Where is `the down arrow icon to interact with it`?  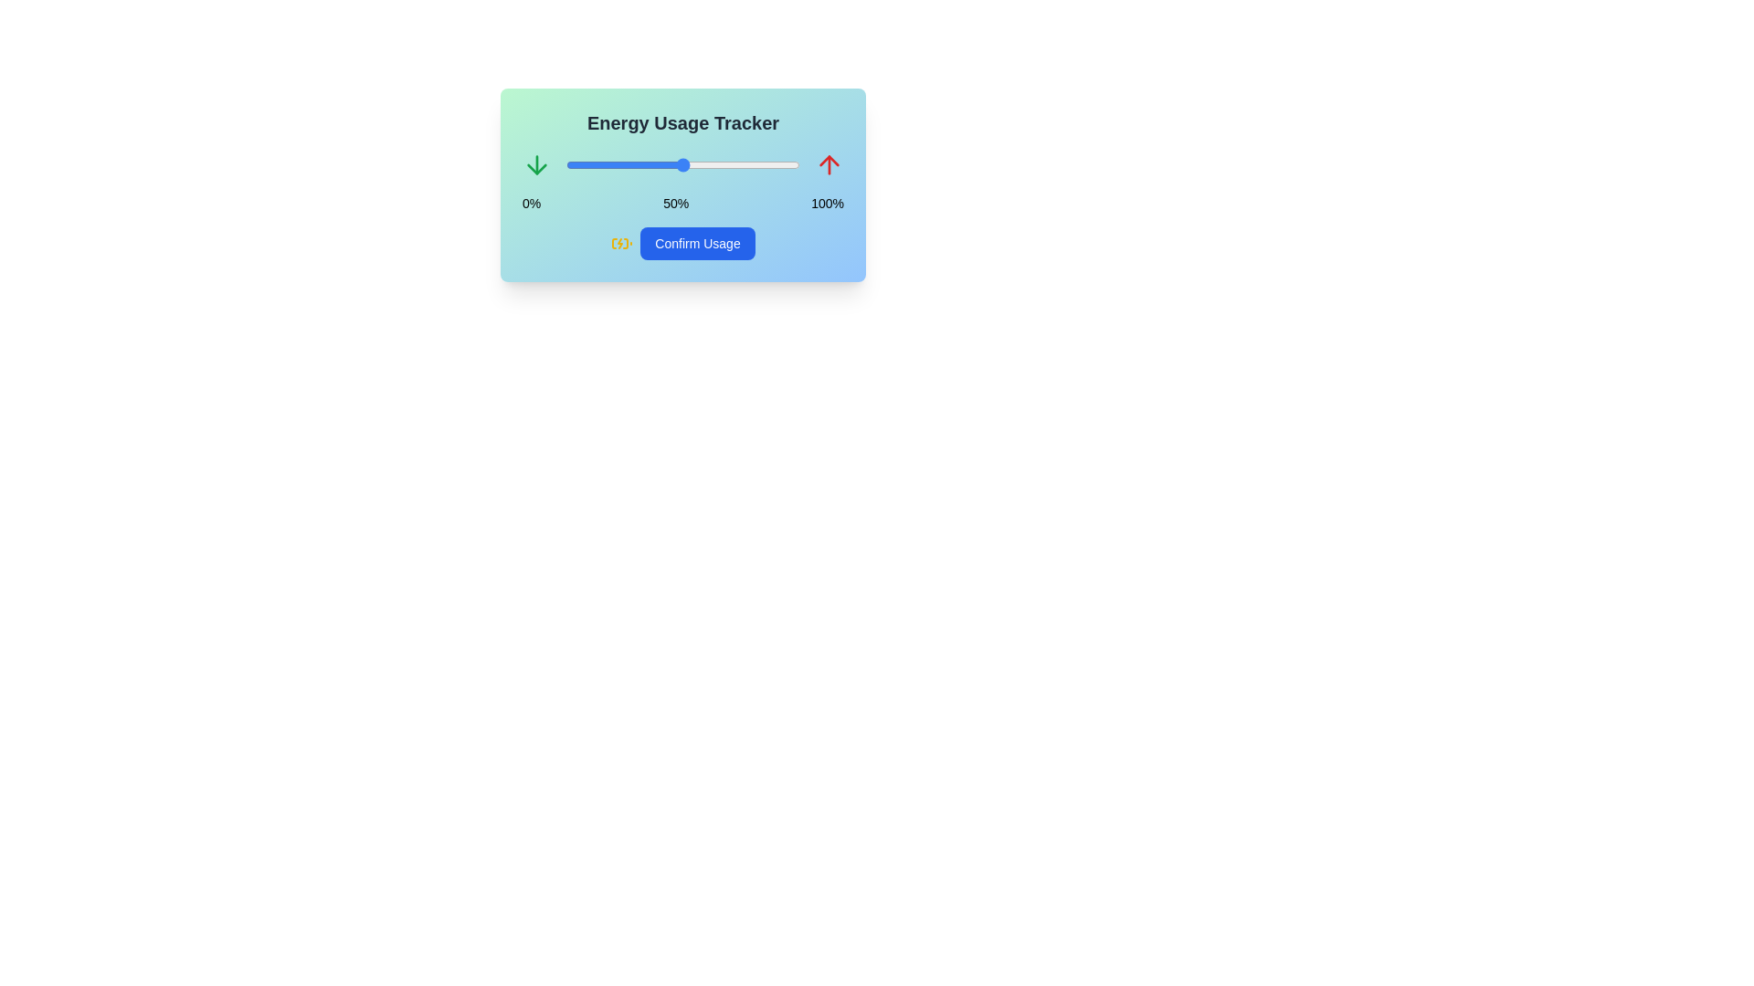 the down arrow icon to interact with it is located at coordinates (536, 165).